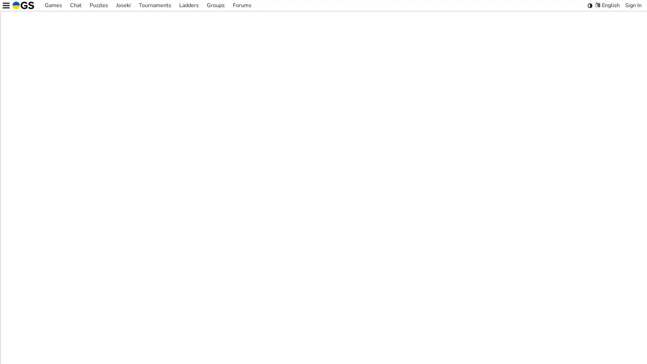  Describe the element at coordinates (345, 266) in the screenshot. I see `Ranked` at that location.